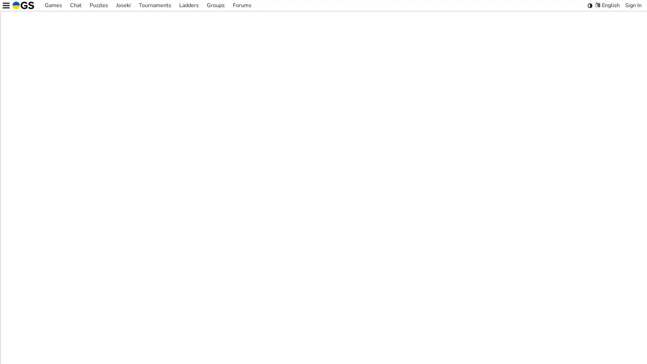  Describe the element at coordinates (345, 266) in the screenshot. I see `Ranked` at that location.